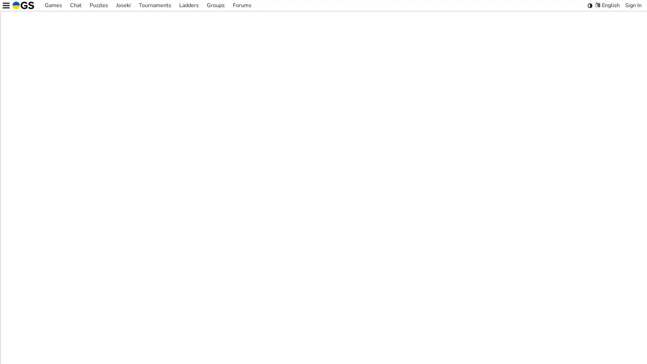  Describe the element at coordinates (345, 266) in the screenshot. I see `Ranked` at that location.